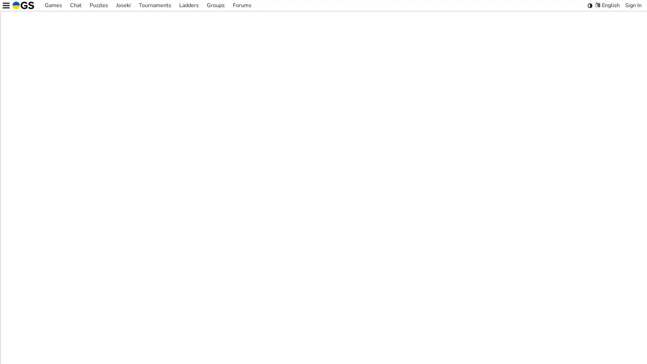  Describe the element at coordinates (345, 266) in the screenshot. I see `Ranked` at that location.